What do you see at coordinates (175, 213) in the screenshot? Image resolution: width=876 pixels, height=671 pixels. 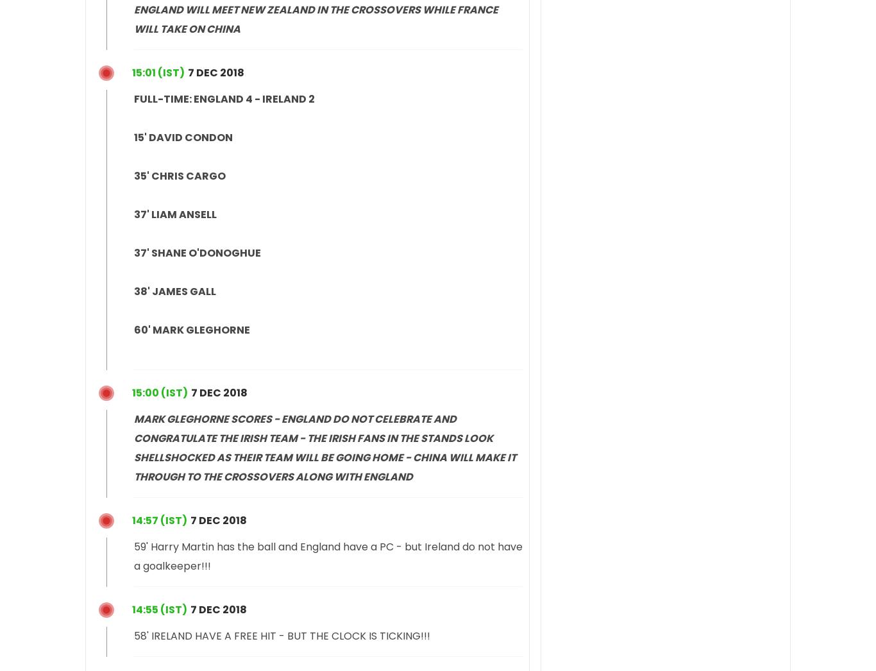 I see `'37' LIAM ANSELL'` at bounding box center [175, 213].